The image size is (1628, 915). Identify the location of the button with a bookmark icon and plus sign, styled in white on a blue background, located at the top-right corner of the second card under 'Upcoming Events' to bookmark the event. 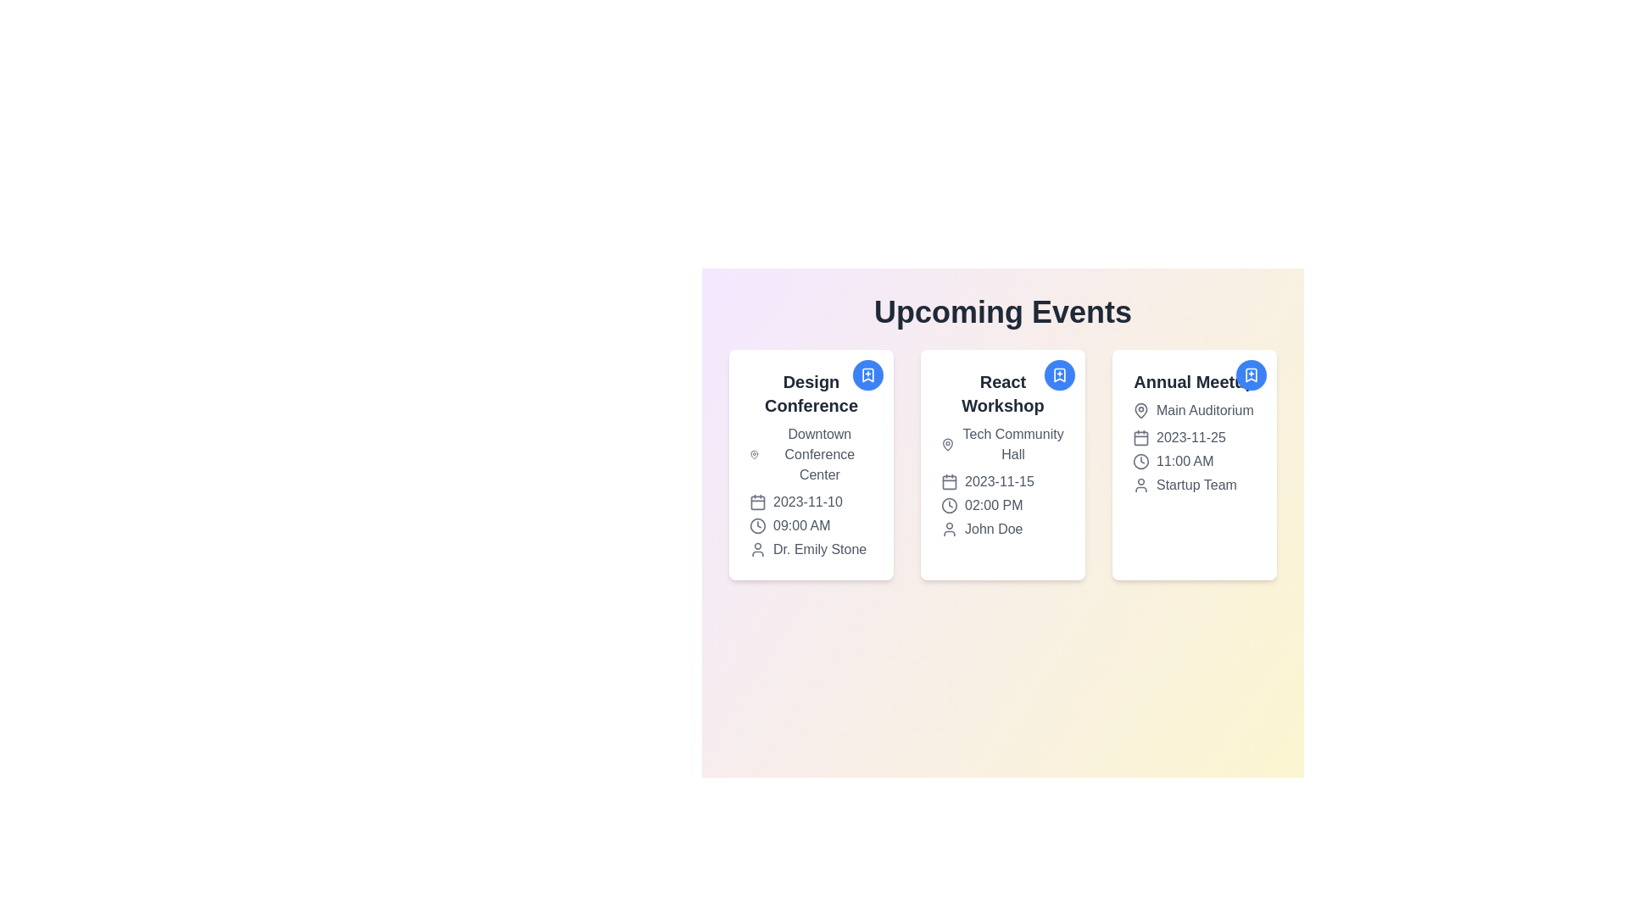
(1058, 374).